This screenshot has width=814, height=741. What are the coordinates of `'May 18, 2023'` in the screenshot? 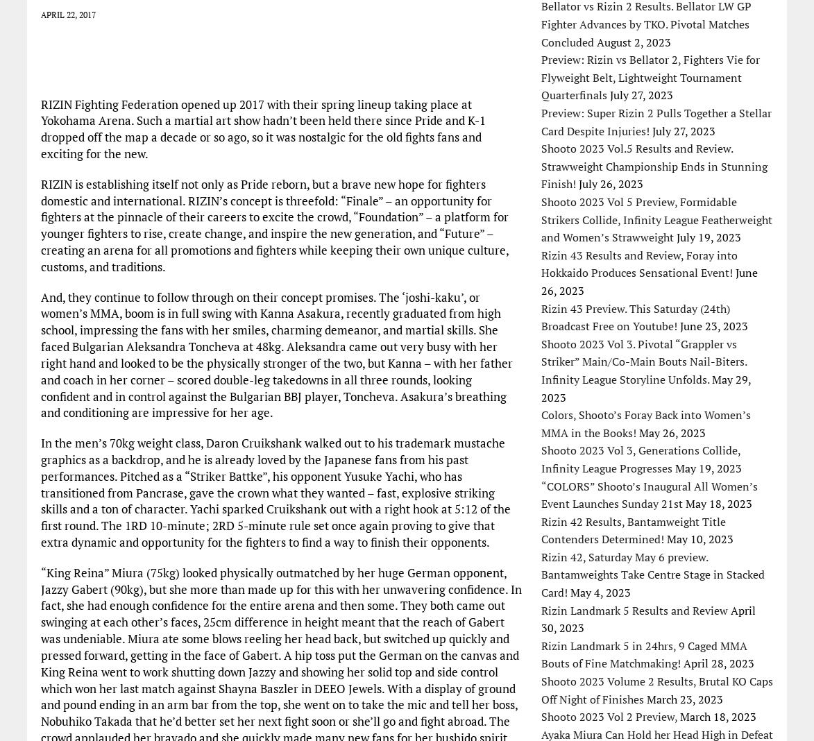 It's located at (685, 504).